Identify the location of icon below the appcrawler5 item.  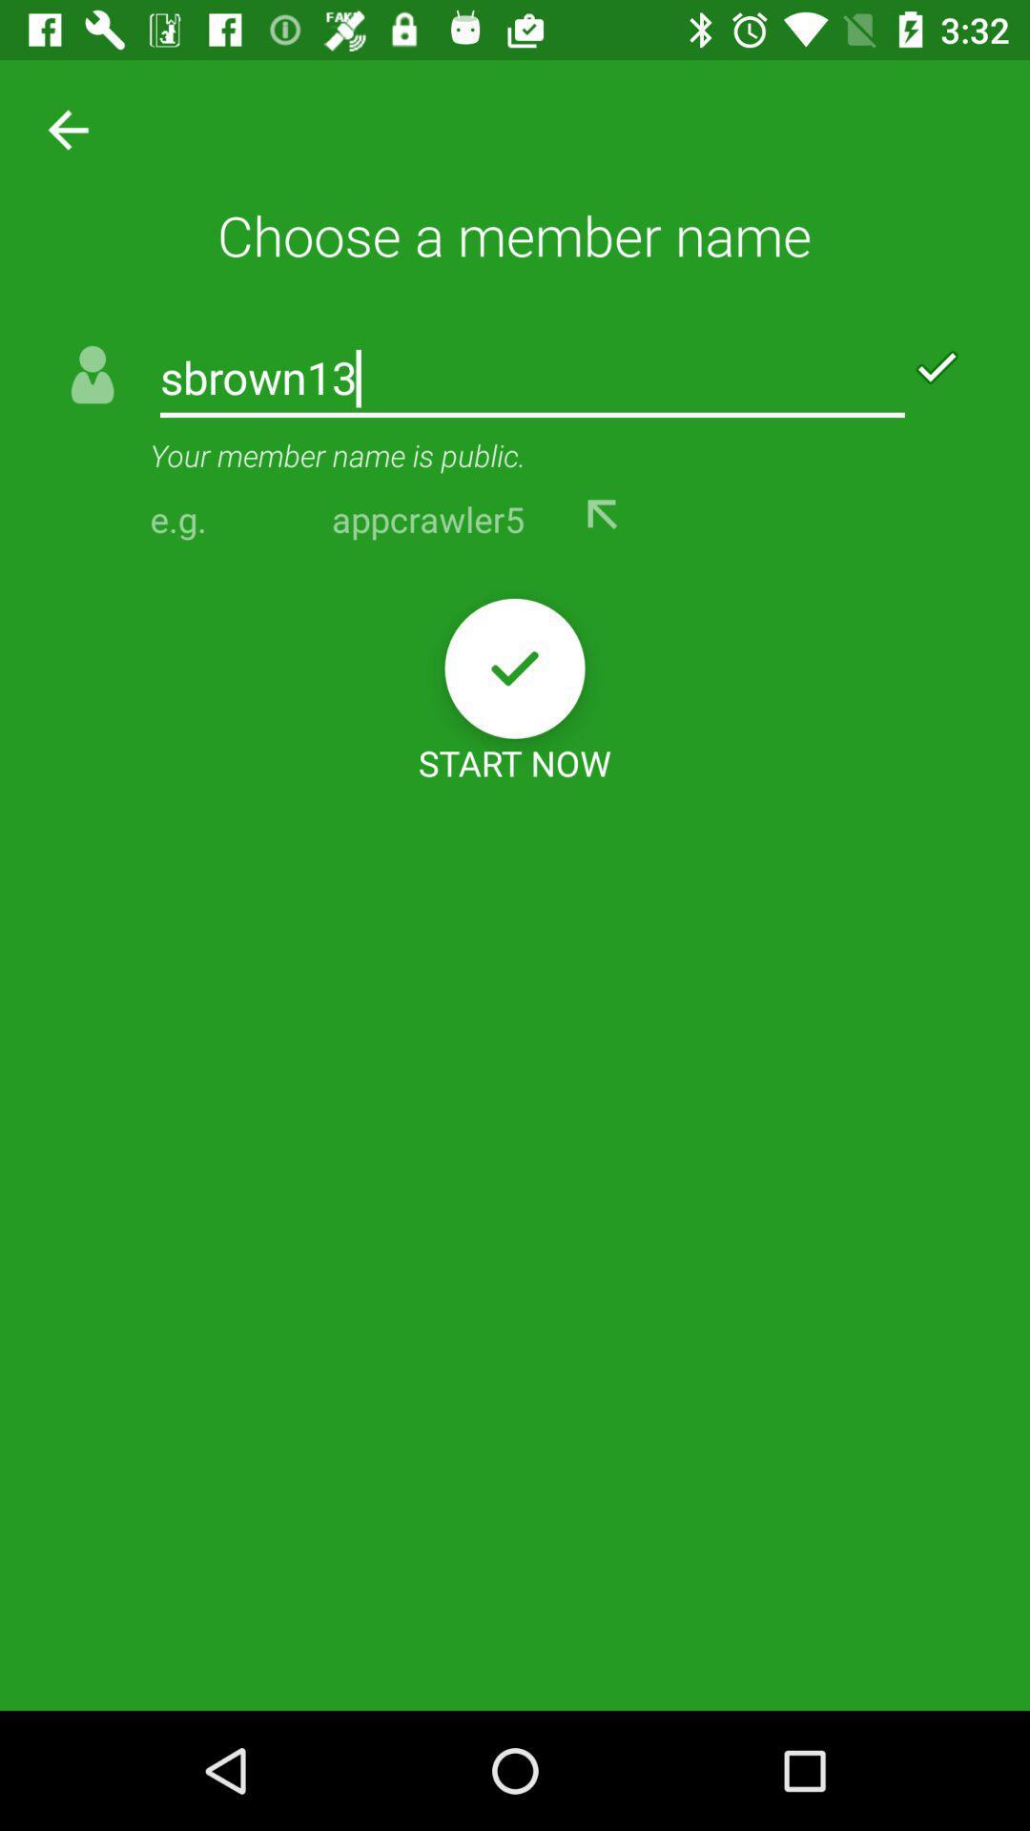
(515, 669).